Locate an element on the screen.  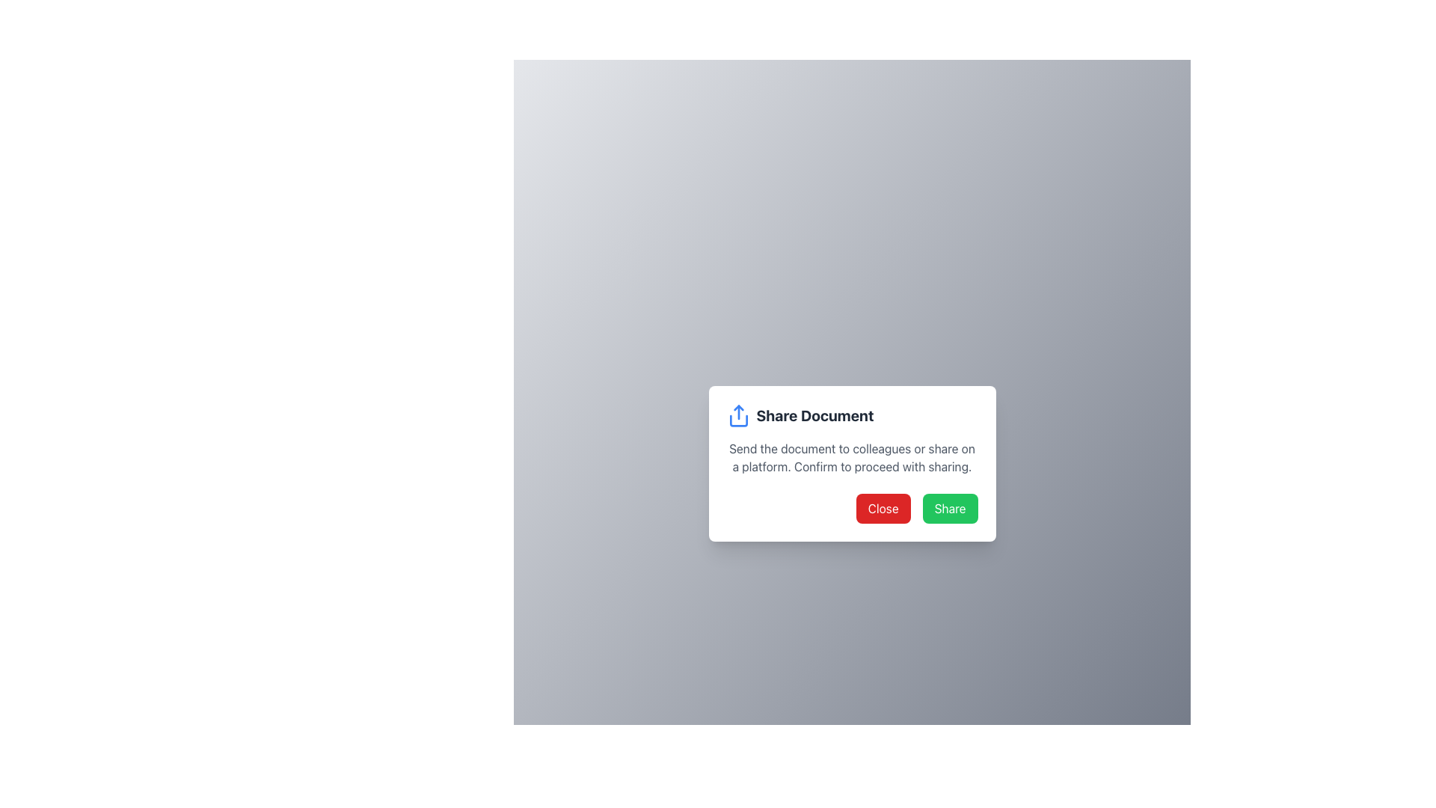
the Header with Icon that indicates the purpose of the modal dialog for sharing a document is located at coordinates (852, 415).